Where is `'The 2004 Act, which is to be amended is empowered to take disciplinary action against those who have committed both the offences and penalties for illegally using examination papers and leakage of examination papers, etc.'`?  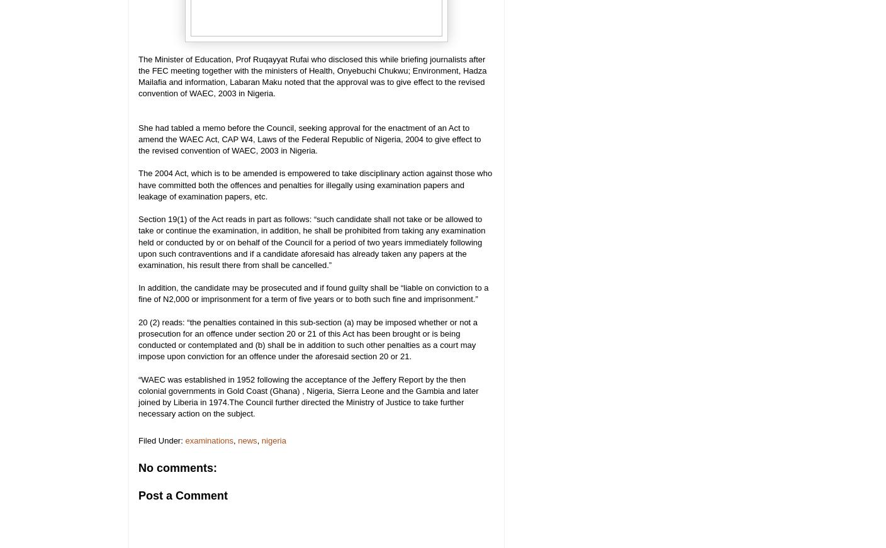
'The 2004 Act, which is to be amended is empowered to take disciplinary action against those who have committed both the offences and penalties for illegally using examination papers and leakage of examination papers, etc.' is located at coordinates (315, 184).